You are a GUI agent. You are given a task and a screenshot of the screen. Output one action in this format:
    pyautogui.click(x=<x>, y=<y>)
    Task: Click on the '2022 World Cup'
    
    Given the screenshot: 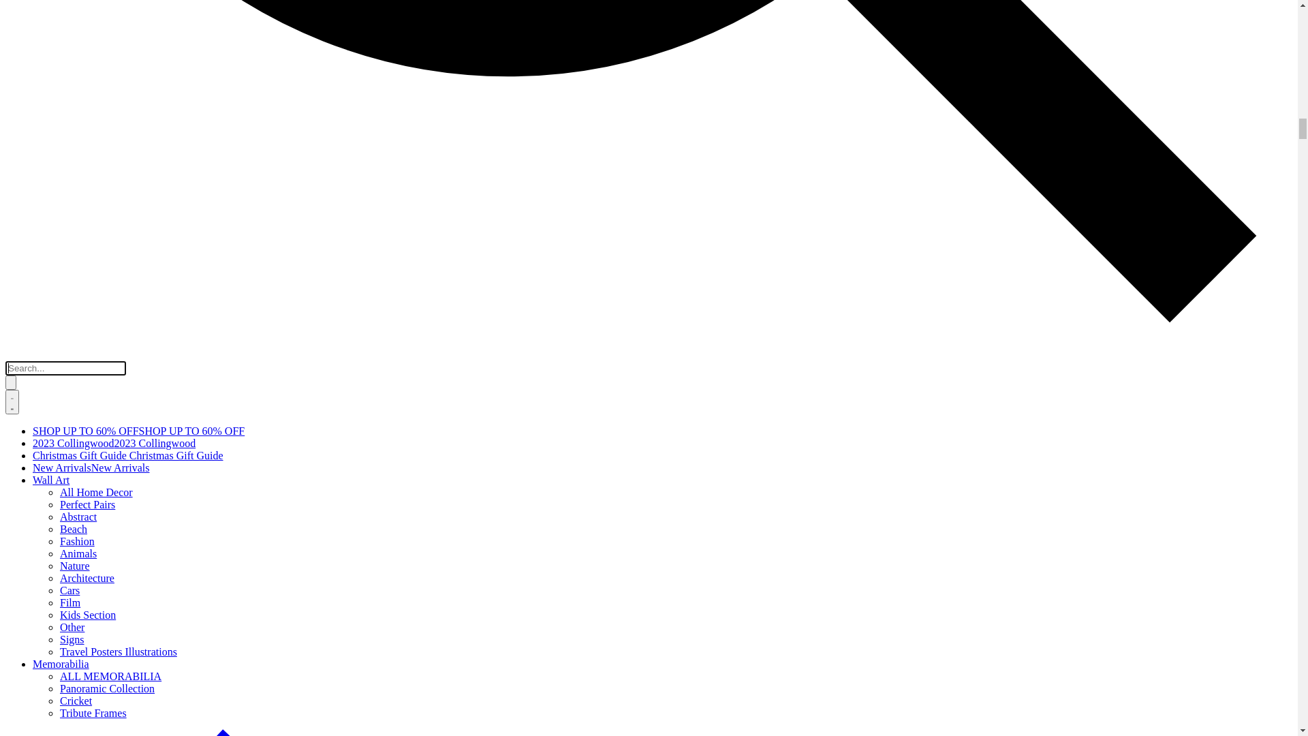 What is the action you would take?
    pyautogui.click(x=67, y=715)
    